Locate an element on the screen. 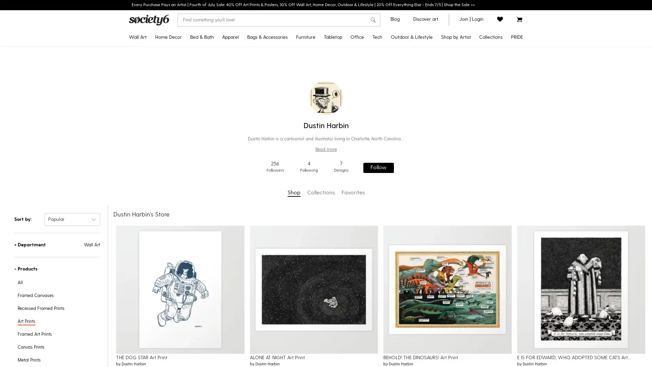 The image size is (652, 367). Posters is located at coordinates (160, 120).